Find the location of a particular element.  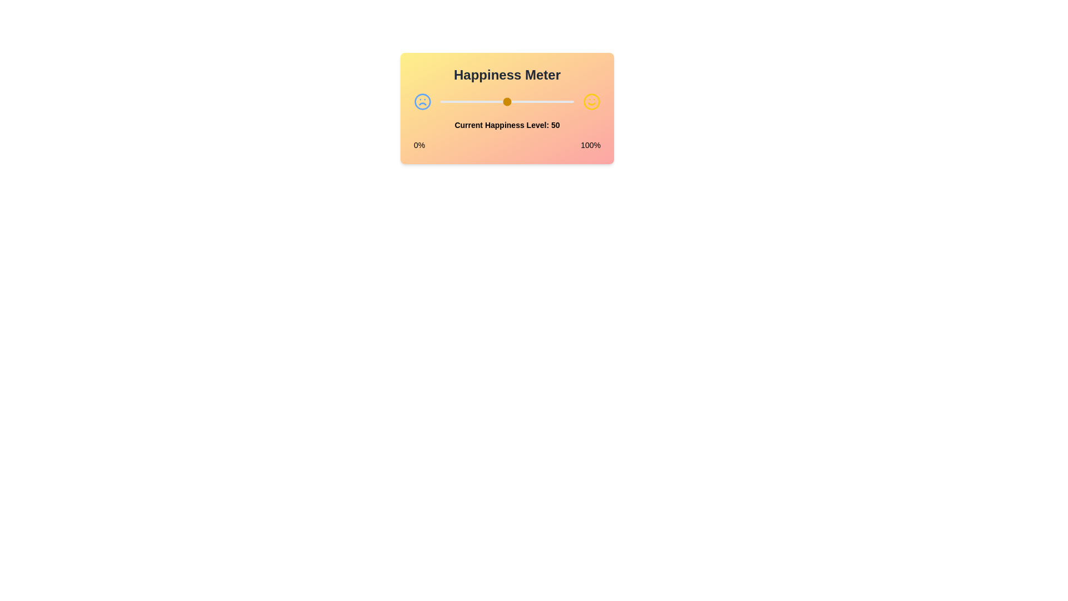

the happiness level to 12 by dragging the slider is located at coordinates (456, 101).